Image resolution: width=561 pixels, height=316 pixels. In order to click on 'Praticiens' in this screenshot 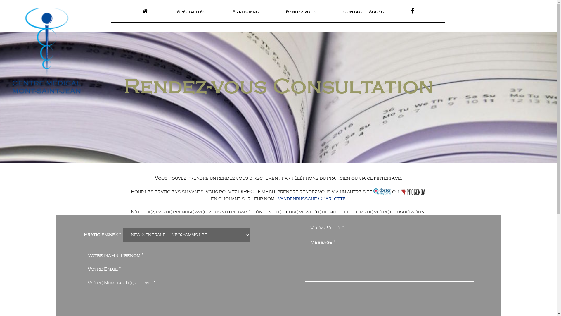, I will do `click(245, 12)`.